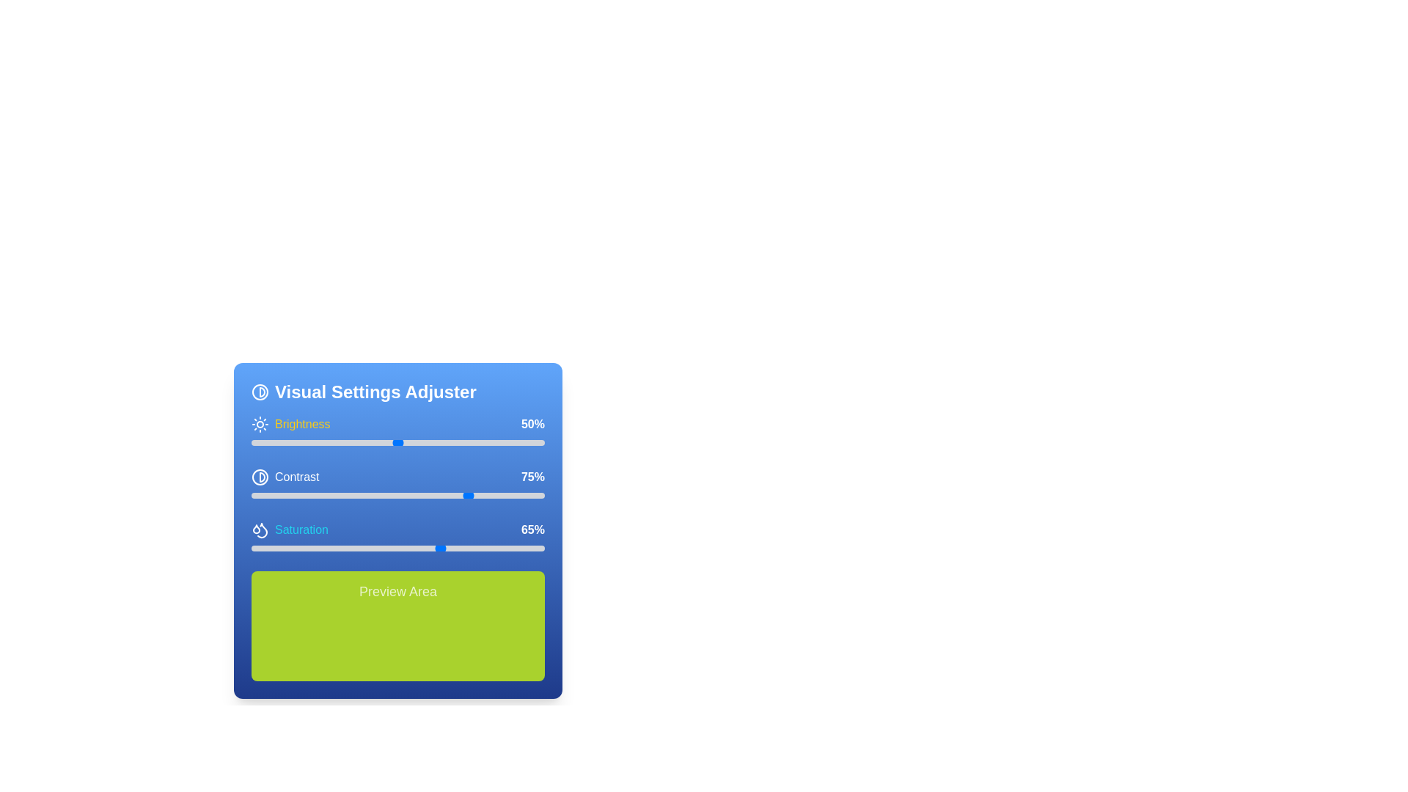 This screenshot has height=792, width=1408. What do you see at coordinates (529, 529) in the screenshot?
I see `the static text label displaying '65%' on a blue background, which is located to the right of the 'Saturation' label in the 'Visual Settings Adjuster' interface` at bounding box center [529, 529].